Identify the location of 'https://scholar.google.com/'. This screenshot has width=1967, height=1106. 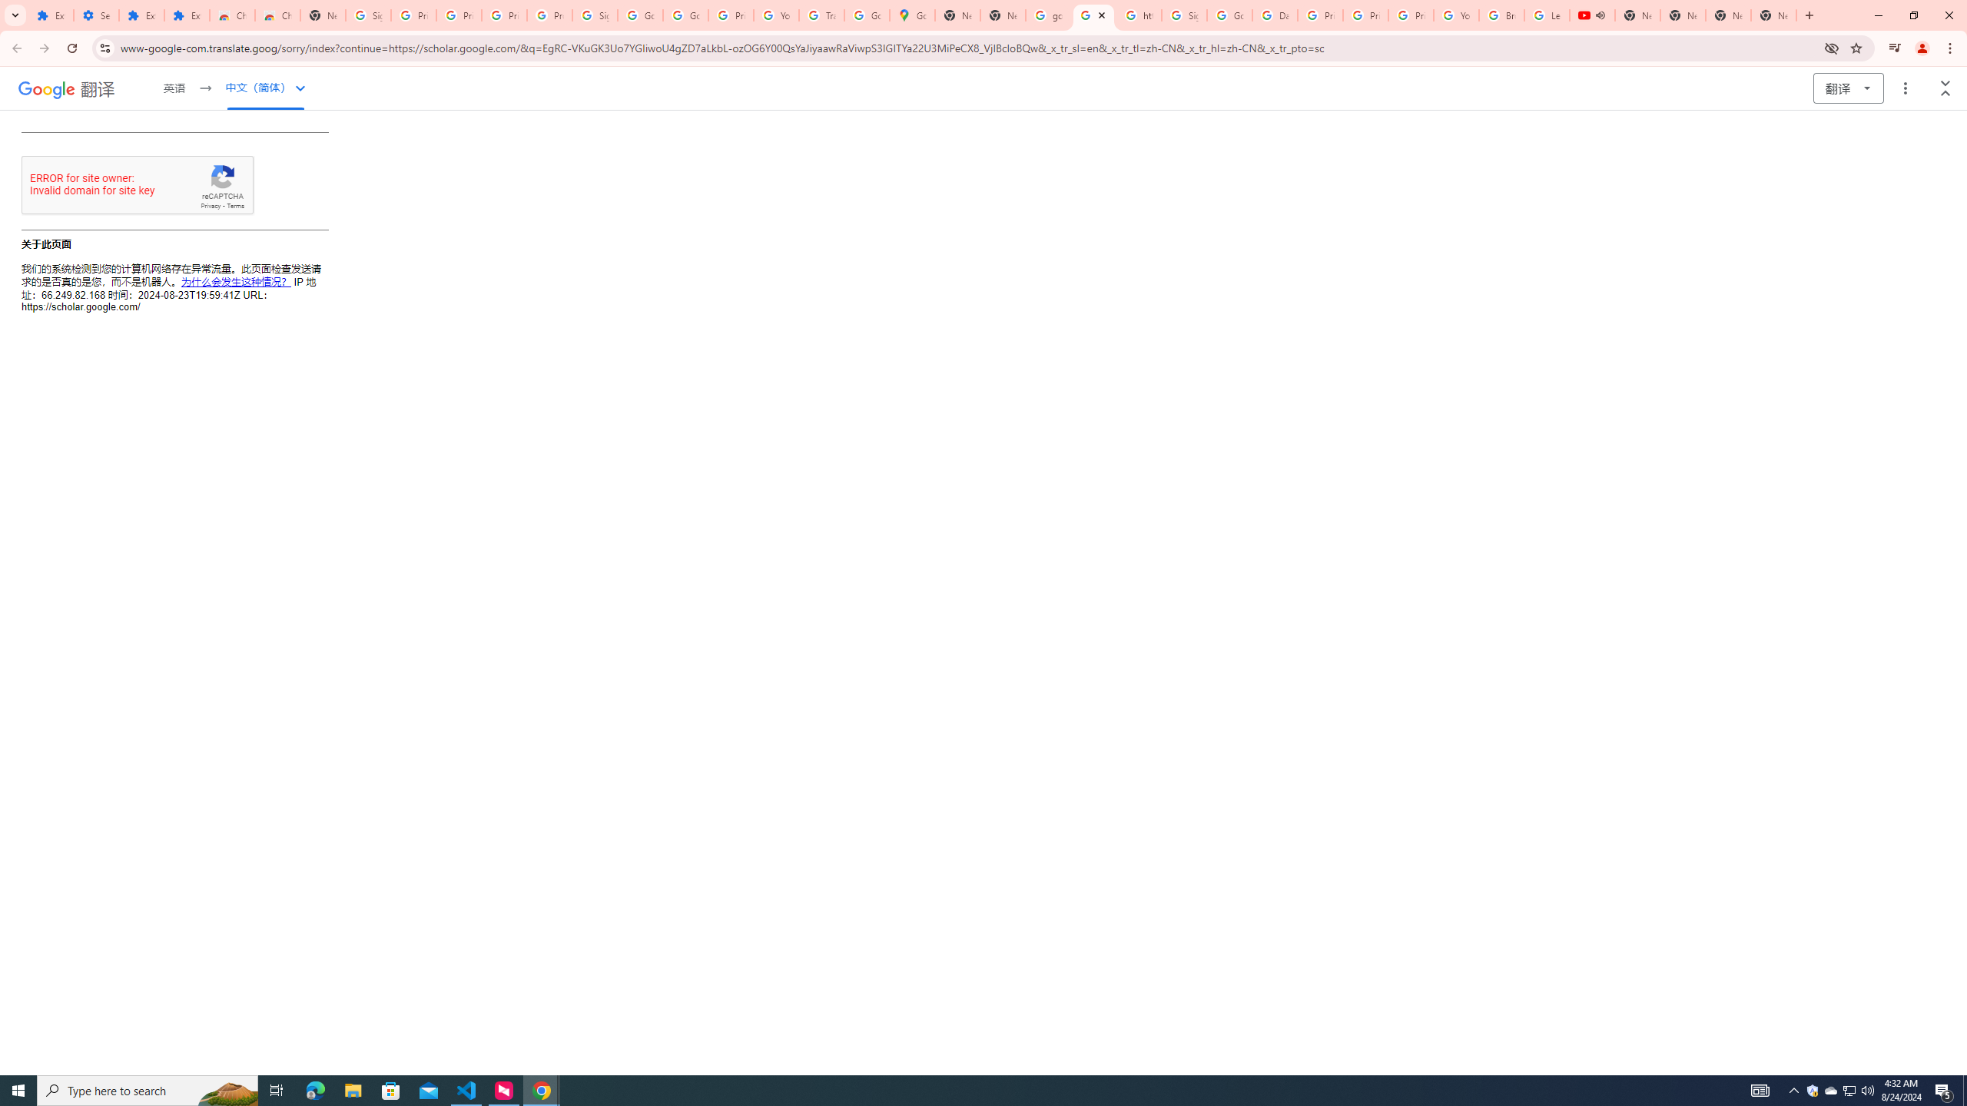
(1093, 15).